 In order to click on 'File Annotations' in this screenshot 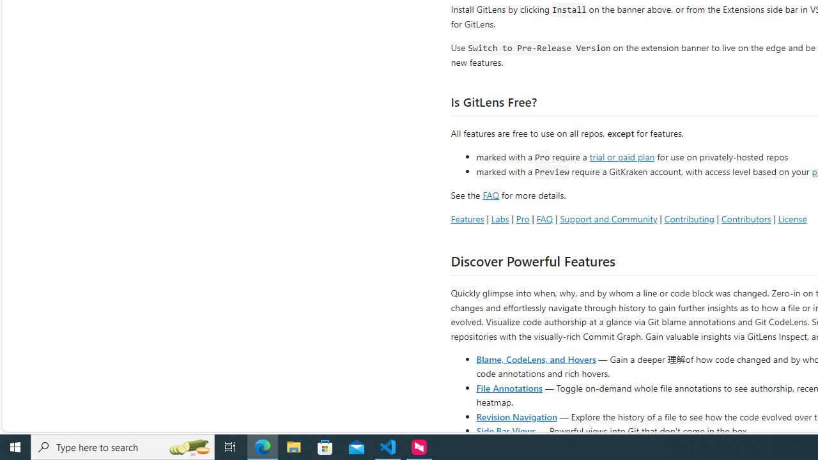, I will do `click(508, 387)`.